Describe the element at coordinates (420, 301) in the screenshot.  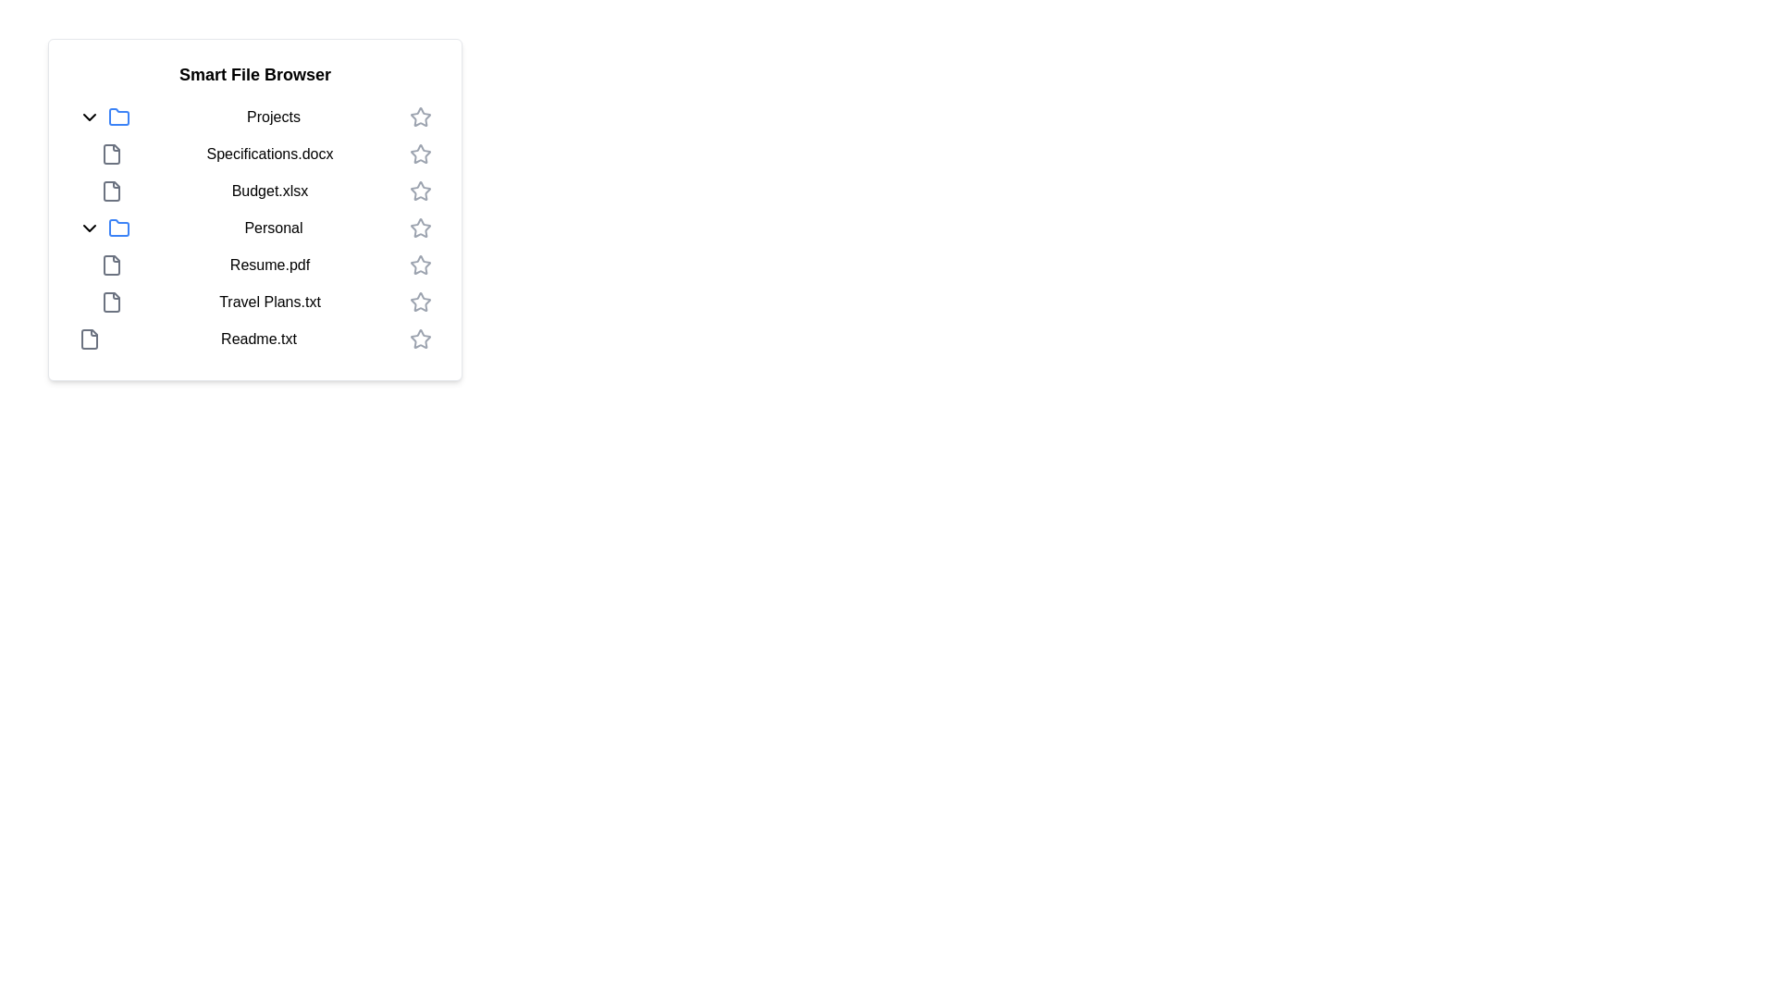
I see `the small, outlined star icon in light gray color located adjacent to the text label 'Travel Plans.txt' to interact with the item` at that location.